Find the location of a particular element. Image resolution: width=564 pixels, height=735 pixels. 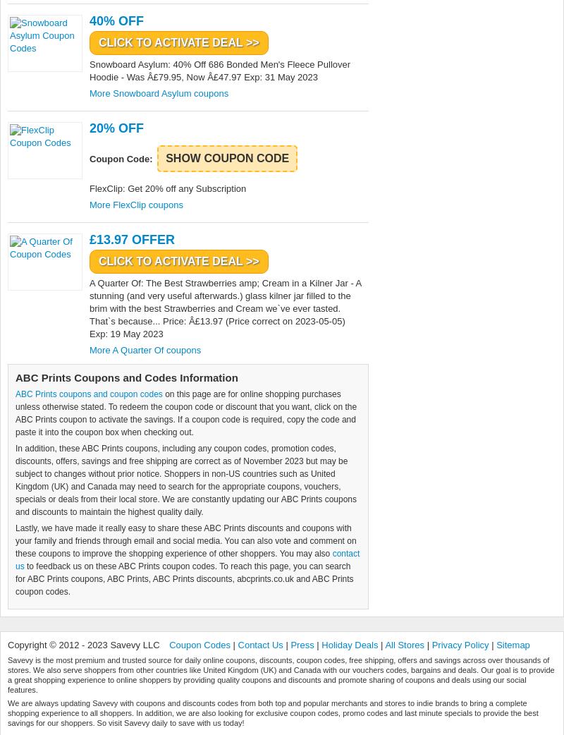

'Coupon Code:' is located at coordinates (121, 158).